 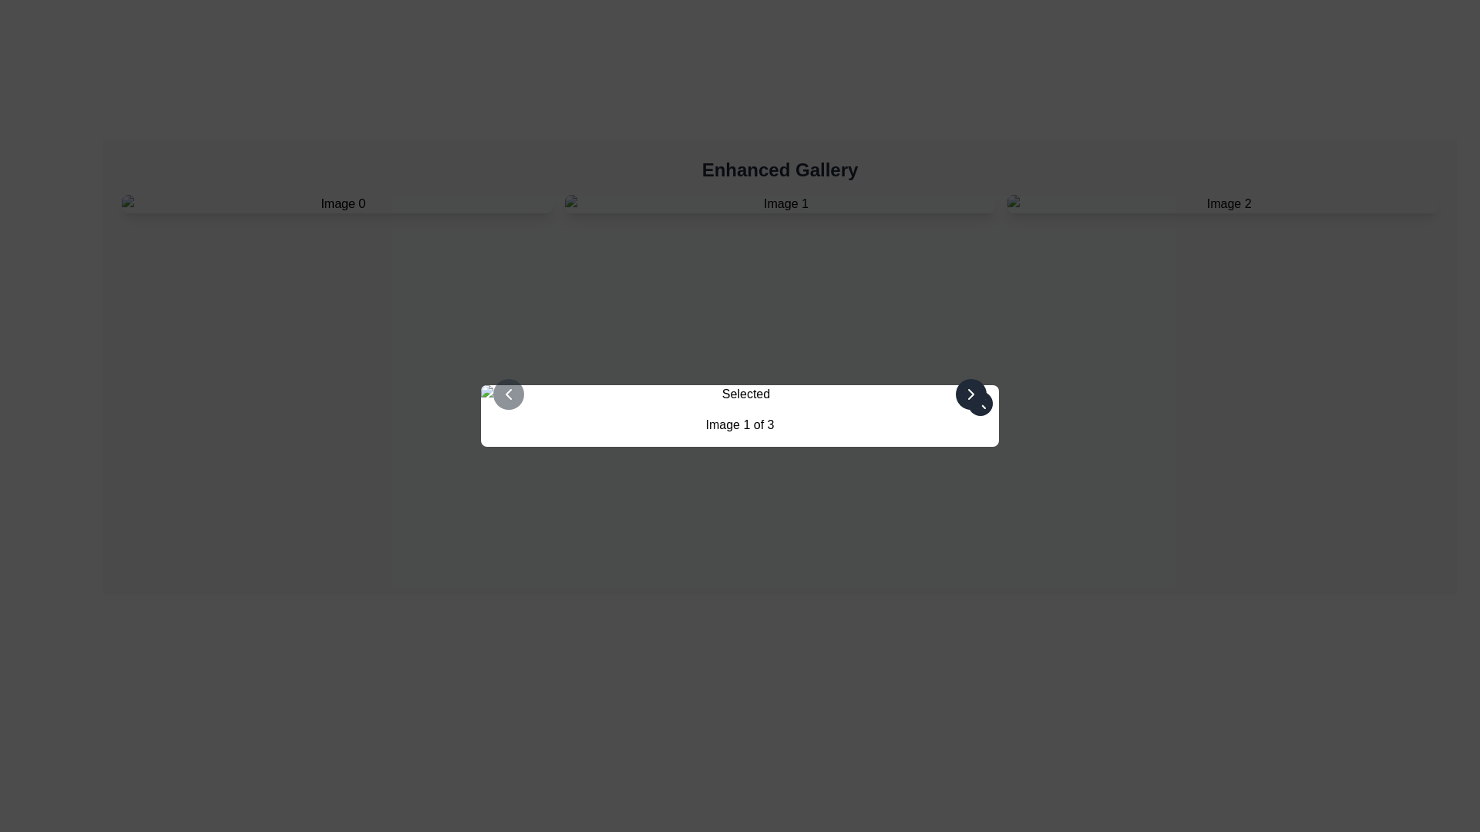 I want to click on the heading or title text located at the top center of the viewport, which serves as the primary title for the gallery section, so click(x=780, y=169).